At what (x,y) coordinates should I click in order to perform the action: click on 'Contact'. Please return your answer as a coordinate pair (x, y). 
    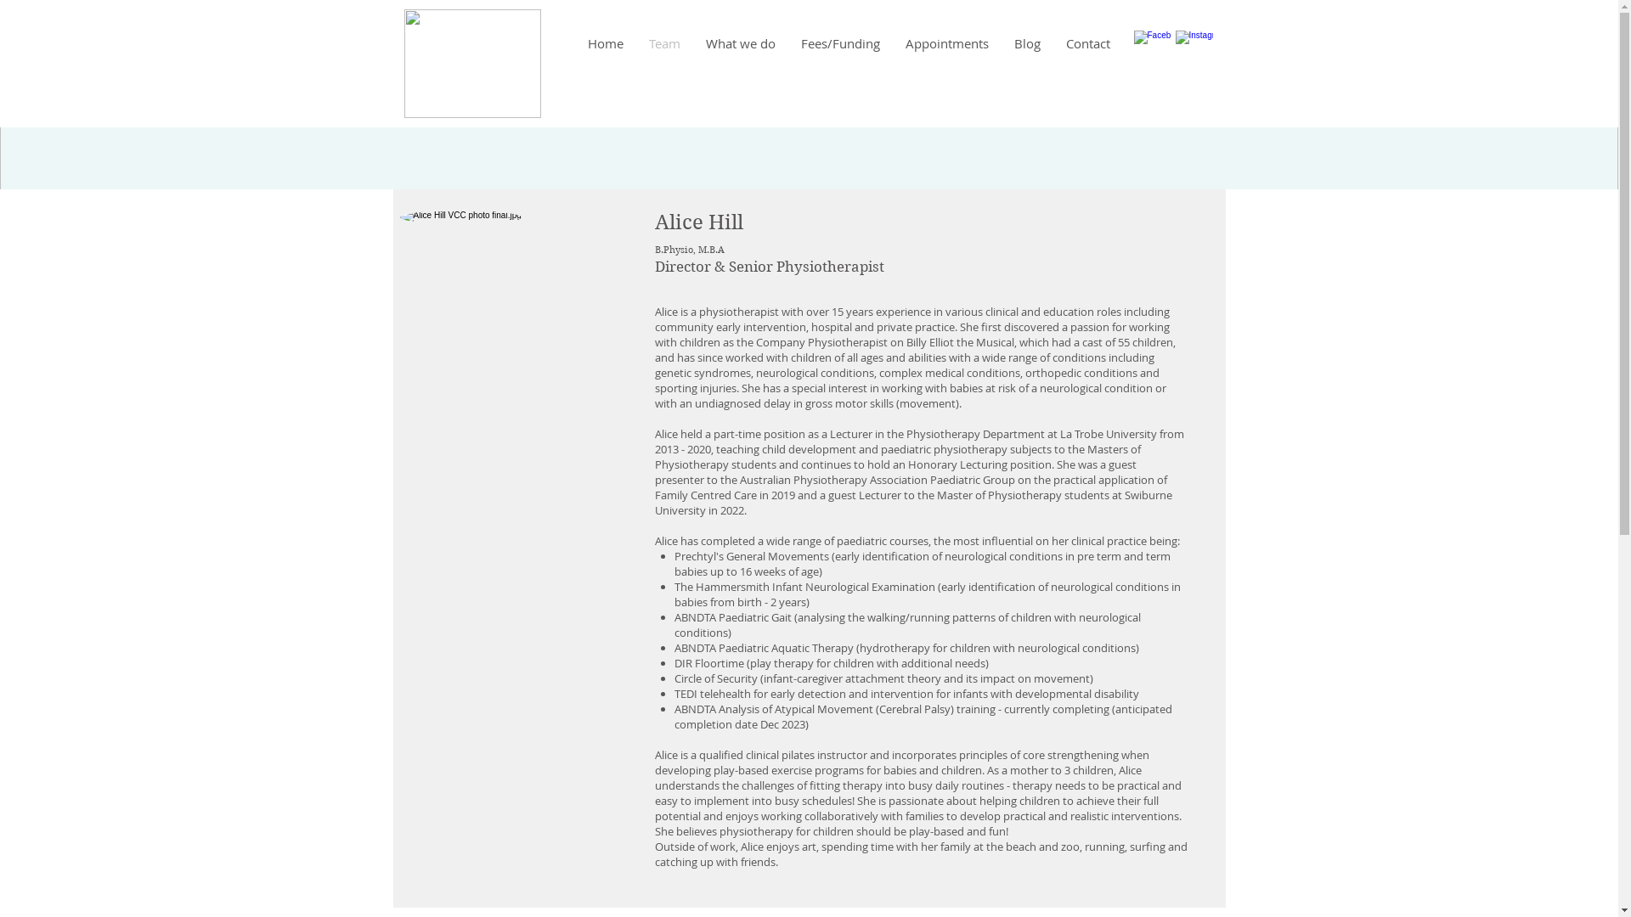
    Looking at the image, I should click on (1088, 42).